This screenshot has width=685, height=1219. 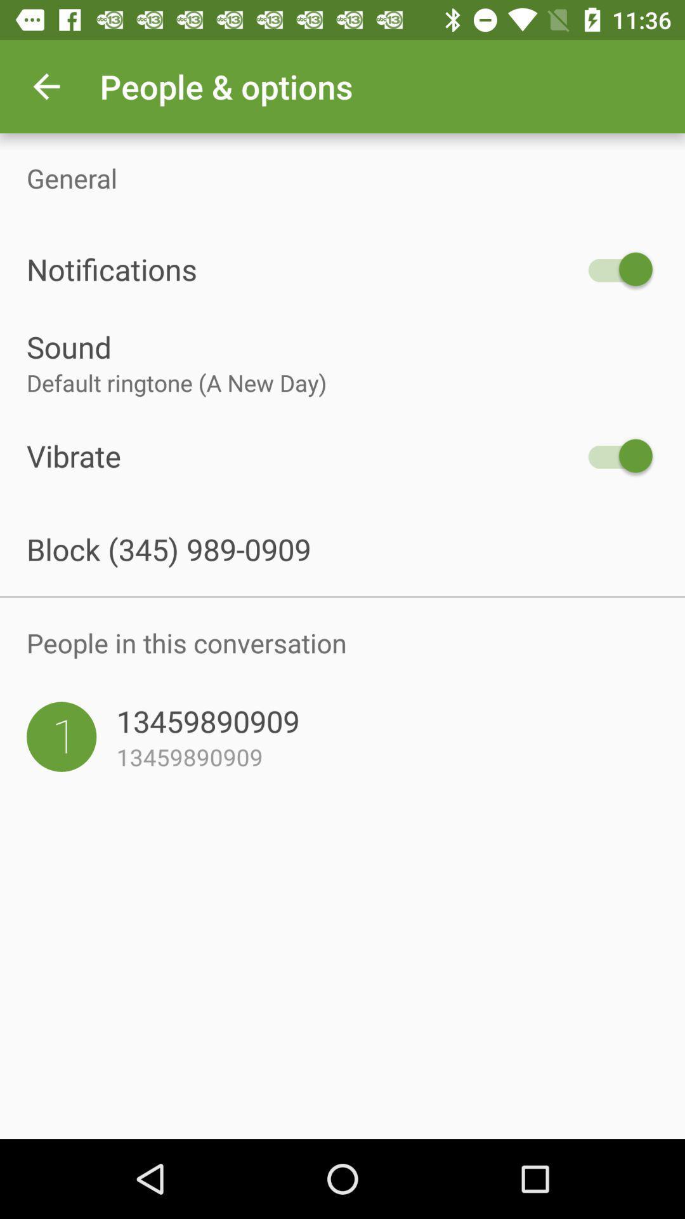 I want to click on icon below block 345 989 icon, so click(x=342, y=596).